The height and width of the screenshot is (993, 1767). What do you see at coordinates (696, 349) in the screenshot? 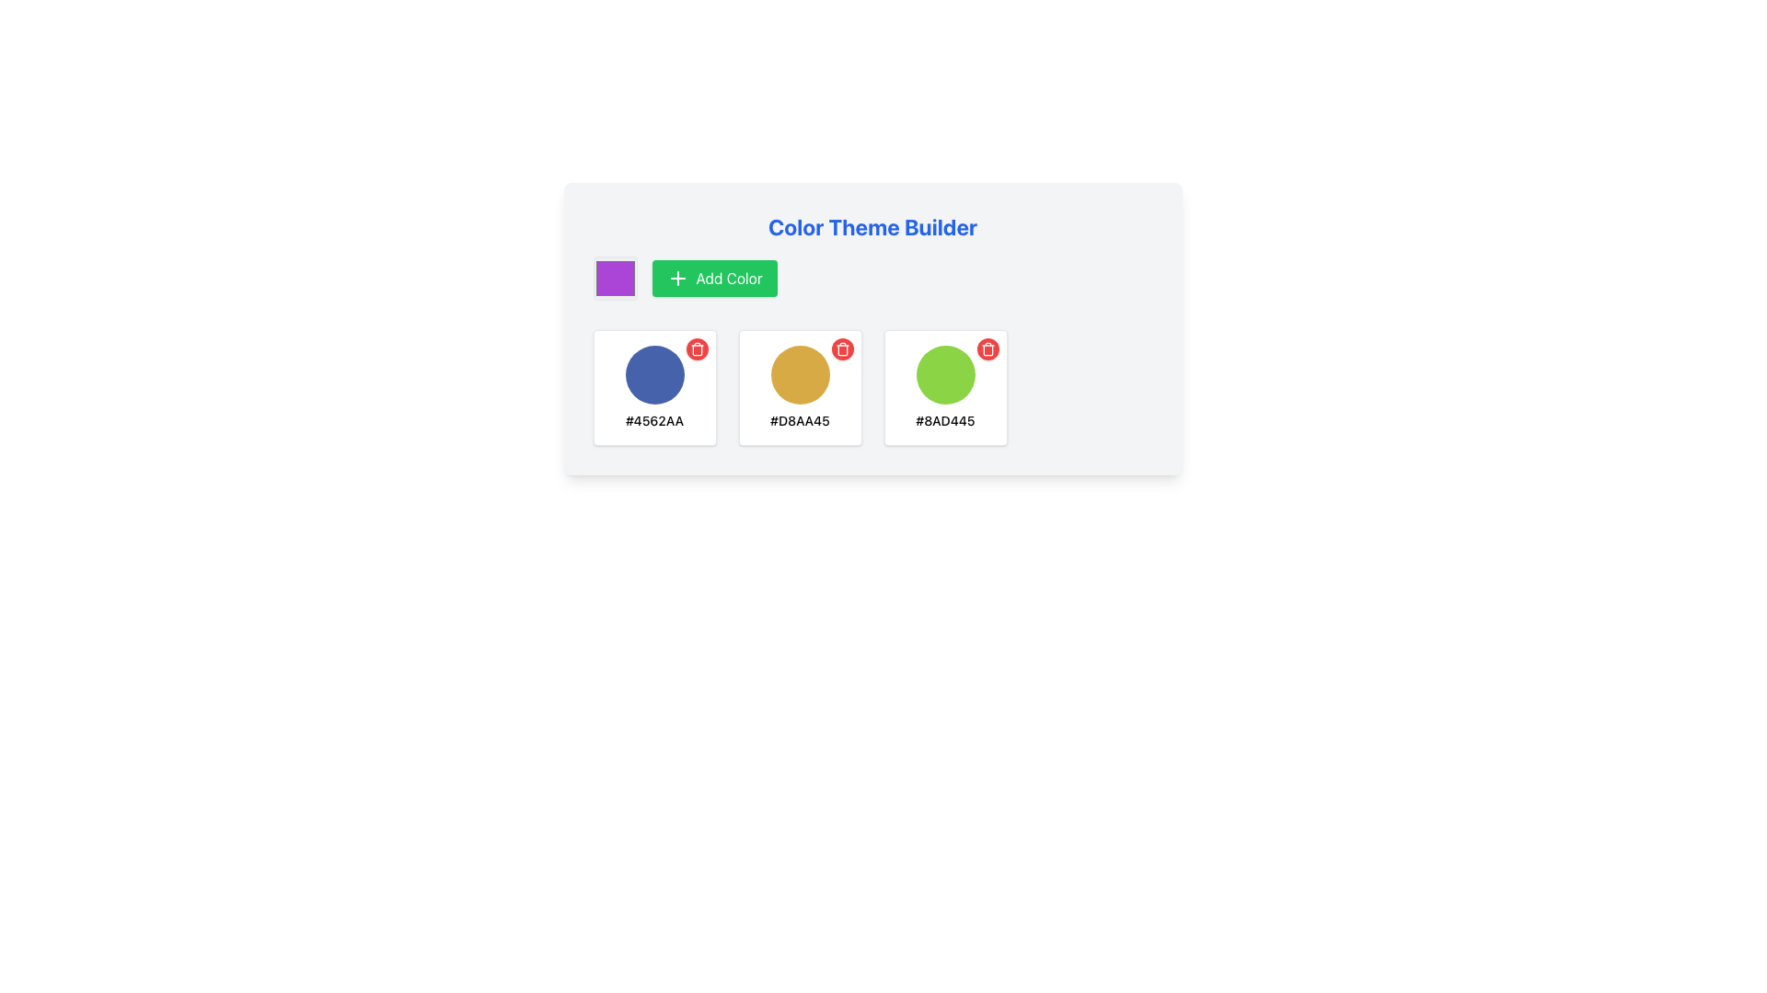
I see `the red circular delete button, which is a trash can icon located at the top-right corner of the third card displaying color information` at bounding box center [696, 349].